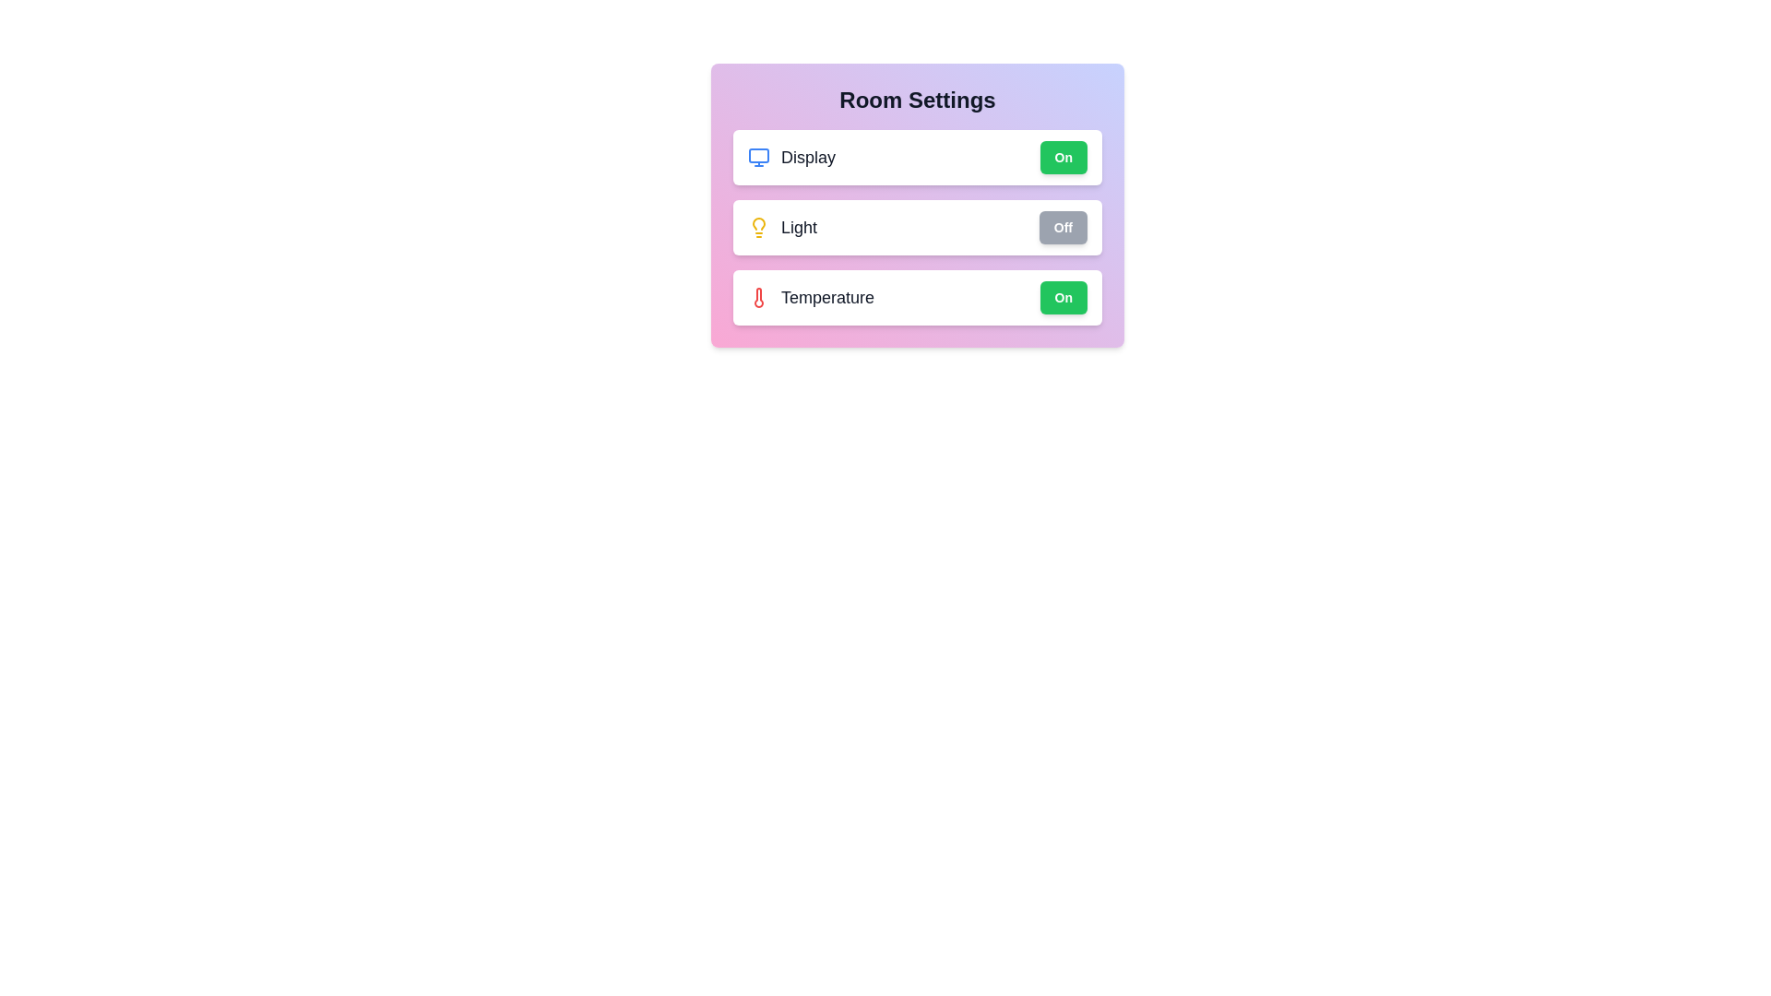  Describe the element at coordinates (917, 100) in the screenshot. I see `the text 'Room Settings' to select it` at that location.